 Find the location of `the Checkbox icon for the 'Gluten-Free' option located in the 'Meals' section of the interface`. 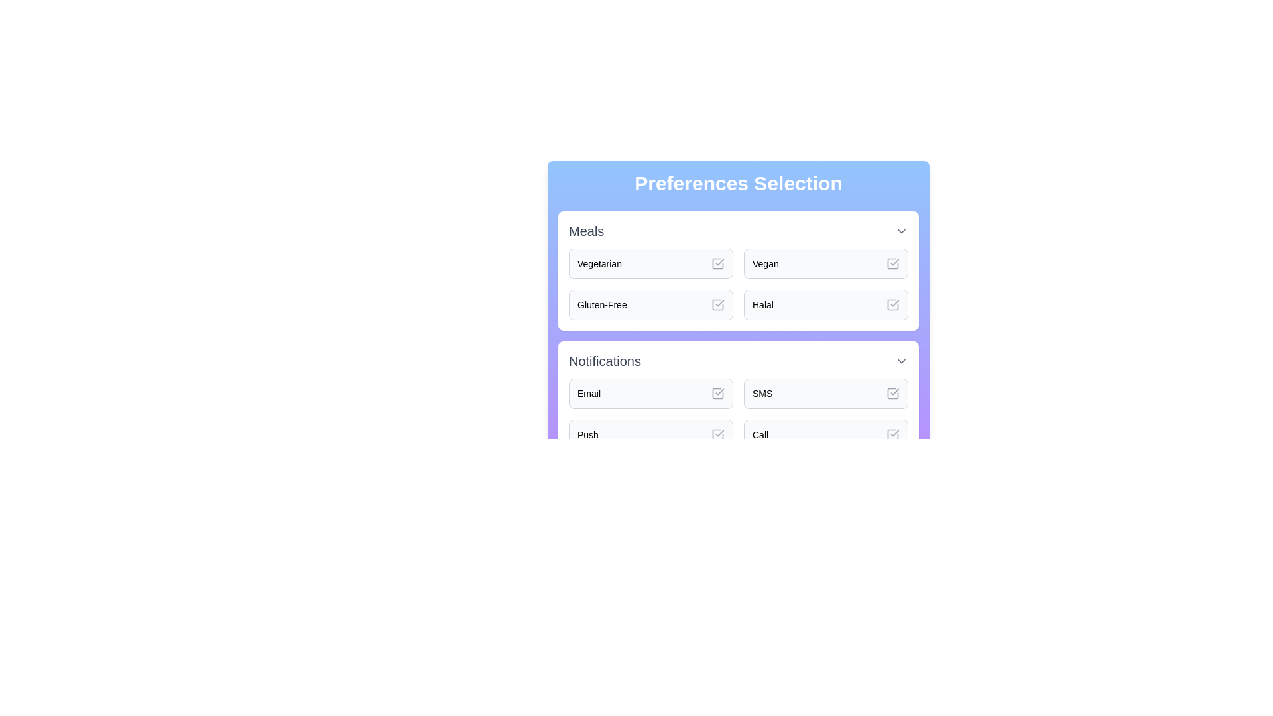

the Checkbox icon for the 'Gluten-Free' option located in the 'Meals' section of the interface is located at coordinates (717, 304).